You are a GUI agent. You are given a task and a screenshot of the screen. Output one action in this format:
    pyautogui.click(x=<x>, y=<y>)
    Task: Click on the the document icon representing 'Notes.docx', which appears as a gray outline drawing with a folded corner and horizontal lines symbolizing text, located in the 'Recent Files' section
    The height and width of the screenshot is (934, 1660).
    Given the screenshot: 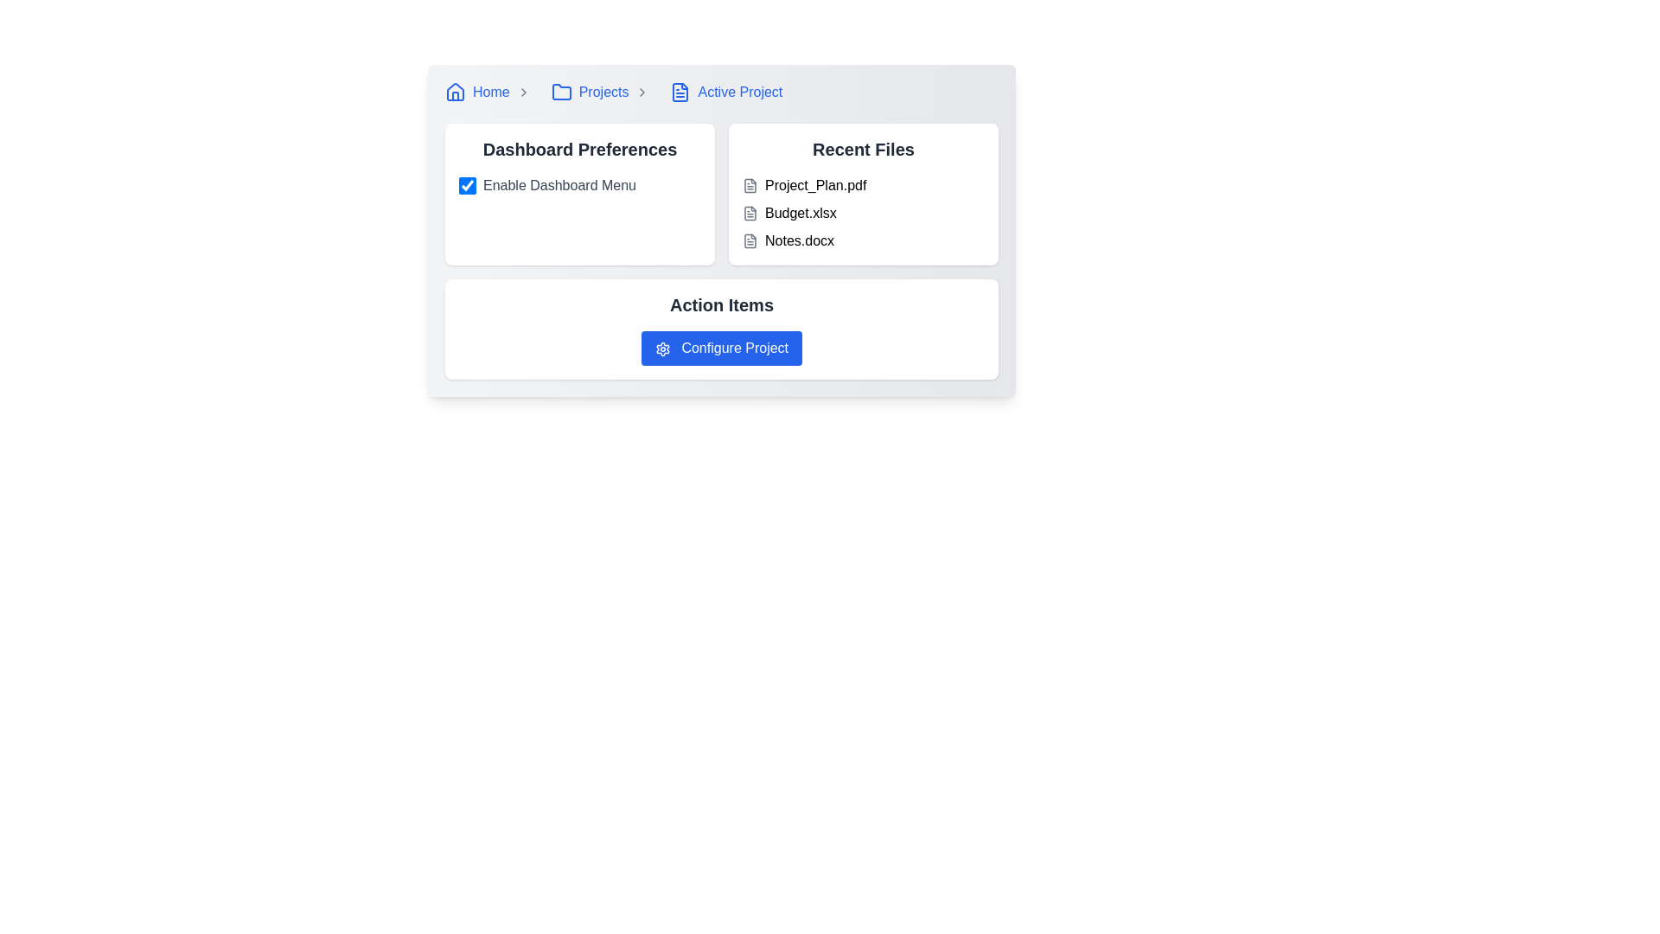 What is the action you would take?
    pyautogui.click(x=750, y=240)
    